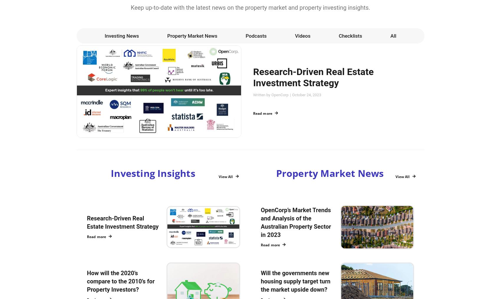  Describe the element at coordinates (350, 36) in the screenshot. I see `'Checklists'` at that location.